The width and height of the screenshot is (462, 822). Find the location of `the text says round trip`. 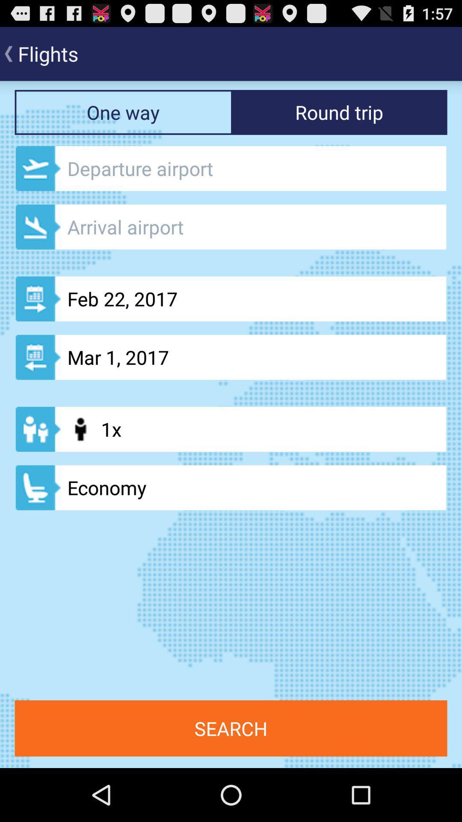

the text says round trip is located at coordinates (339, 112).